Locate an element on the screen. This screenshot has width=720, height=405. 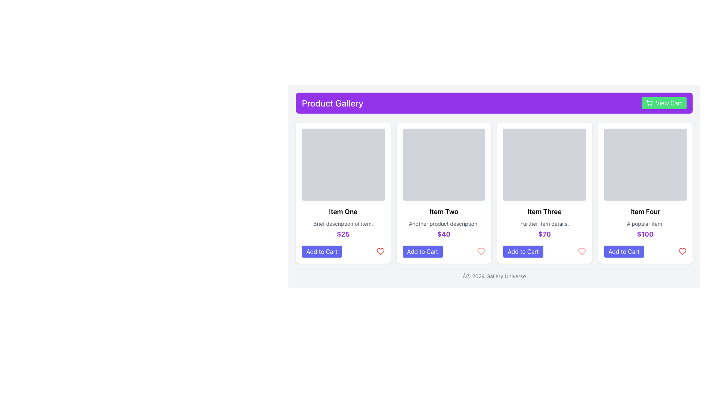
the displayed price '$70' text label, which is styled with bold and enlarged purple text and is located in the bottom section of the 'Item Three' card, directly above the 'Add to Cart' button is located at coordinates (544, 234).